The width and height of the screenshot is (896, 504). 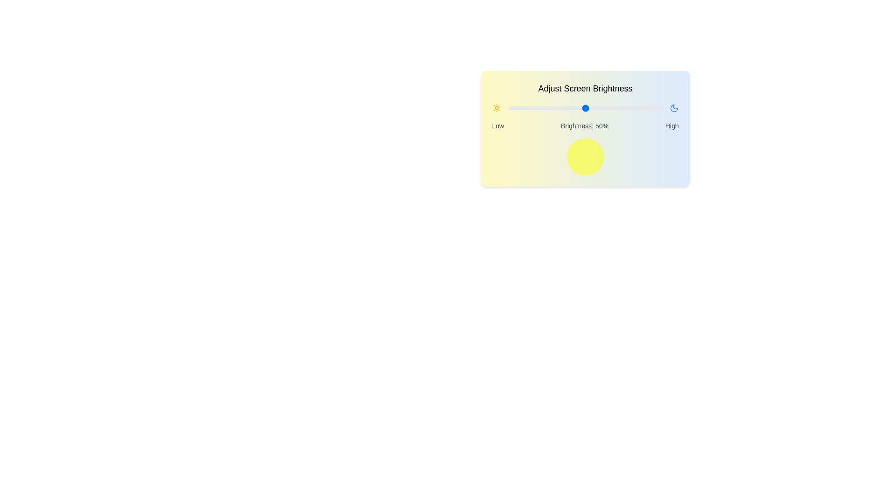 What do you see at coordinates (530, 107) in the screenshot?
I see `the brightness slider to 14%` at bounding box center [530, 107].